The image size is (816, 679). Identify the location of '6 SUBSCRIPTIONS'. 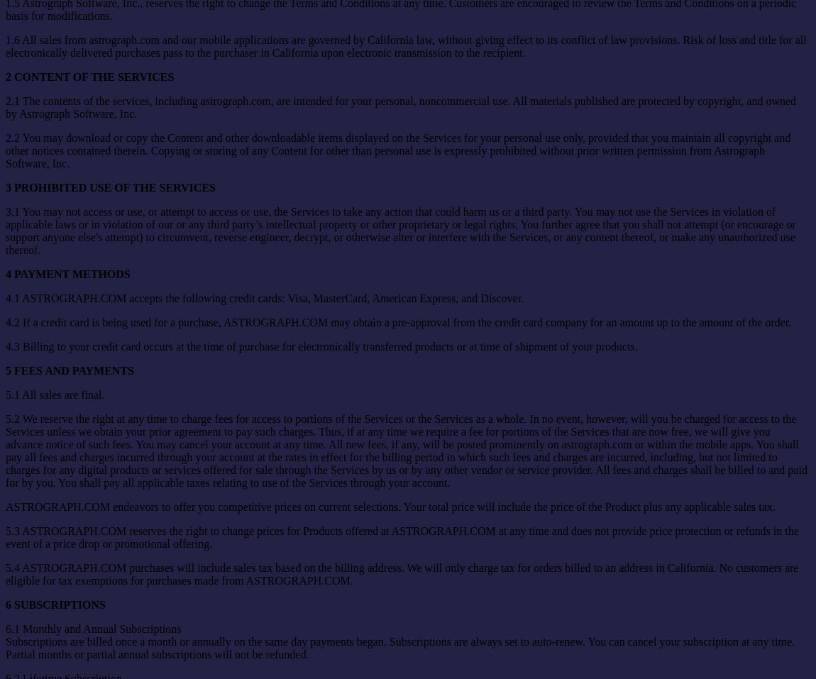
(5, 603).